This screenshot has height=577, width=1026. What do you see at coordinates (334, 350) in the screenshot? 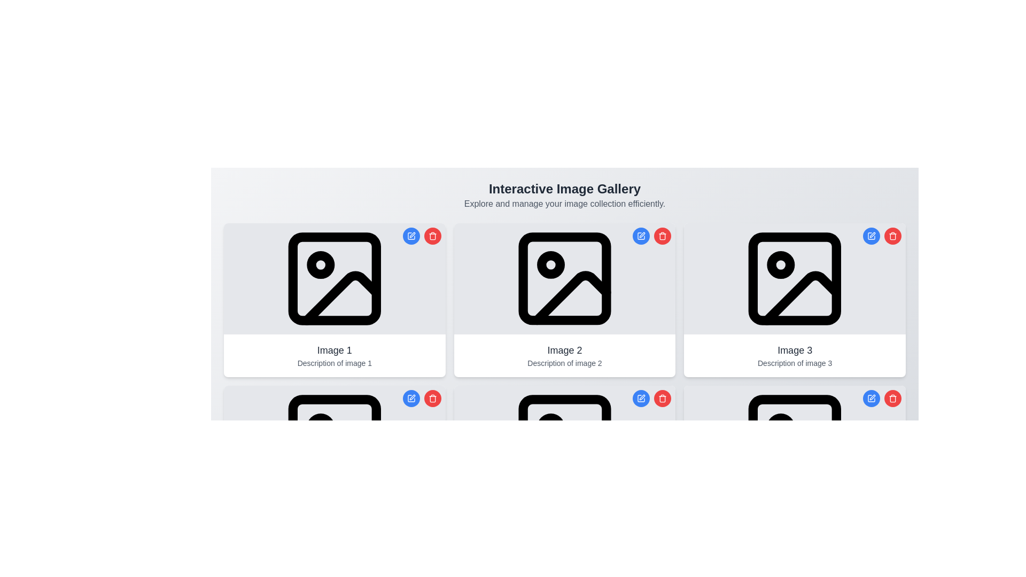
I see `text label displaying 'Image 1', which is a bold, medium-sized dark gray text located above the description of image 1 in the first card of the gallery view` at bounding box center [334, 350].